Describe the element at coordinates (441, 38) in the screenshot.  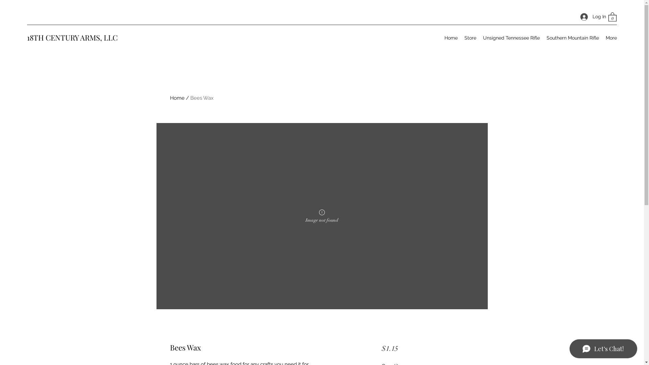
I see `'Home'` at that location.